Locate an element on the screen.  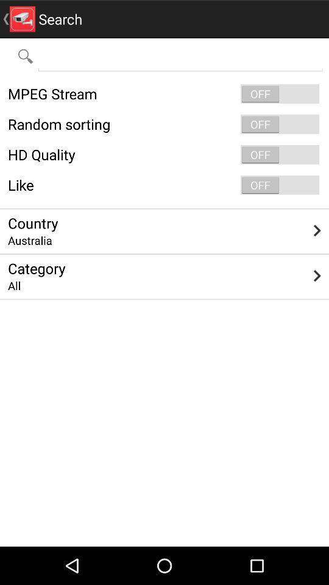
search box is located at coordinates (180, 55).